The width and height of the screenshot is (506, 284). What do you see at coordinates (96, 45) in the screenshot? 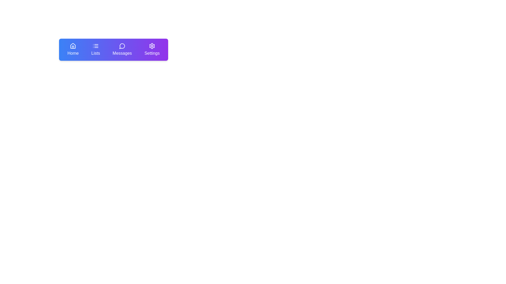
I see `the 'Lists' icon element, which is a blue gradient icon with three horizontal lines` at bounding box center [96, 45].